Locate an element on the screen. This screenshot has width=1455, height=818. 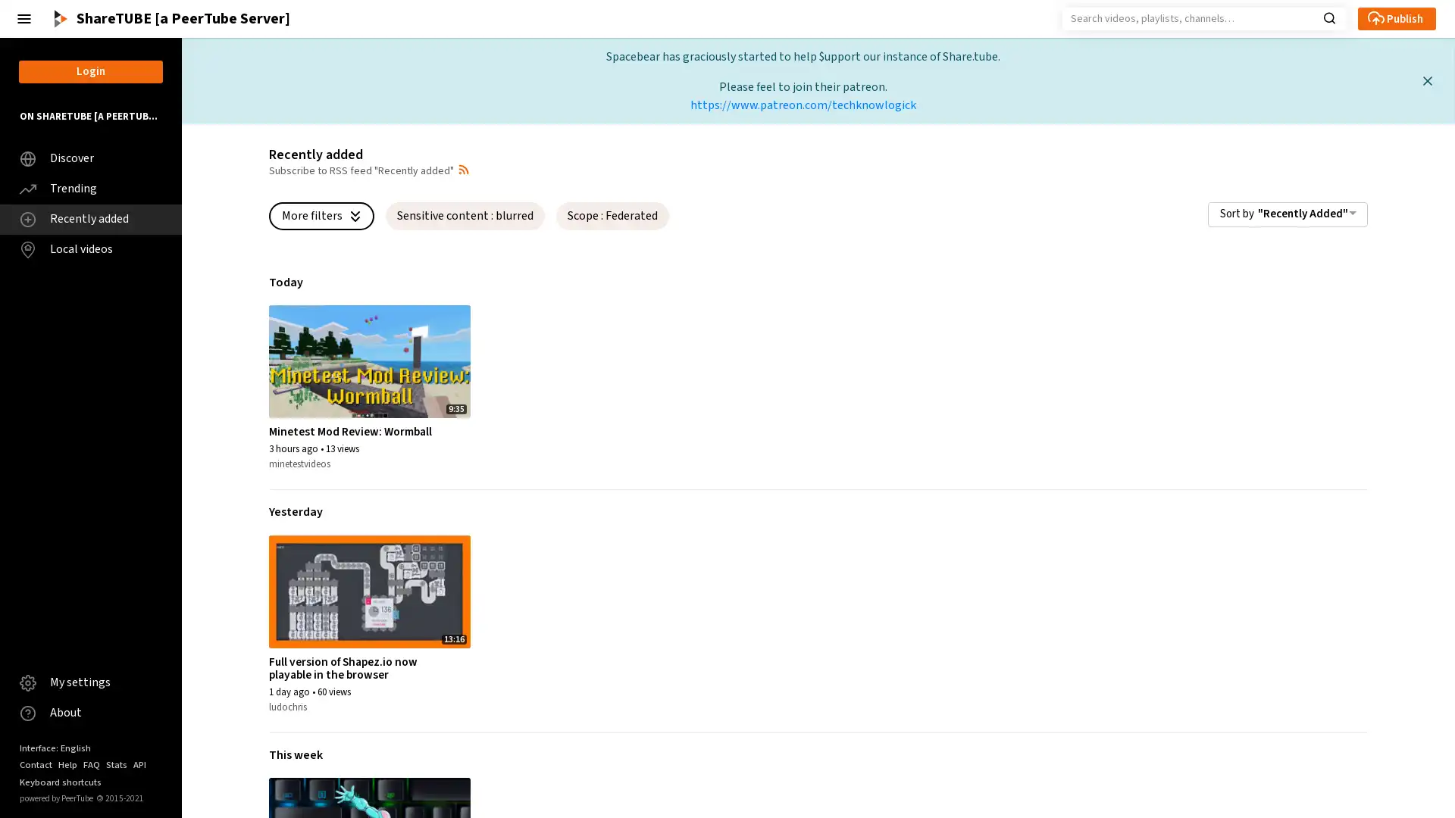
Open syndication dropdown is located at coordinates (462, 169).